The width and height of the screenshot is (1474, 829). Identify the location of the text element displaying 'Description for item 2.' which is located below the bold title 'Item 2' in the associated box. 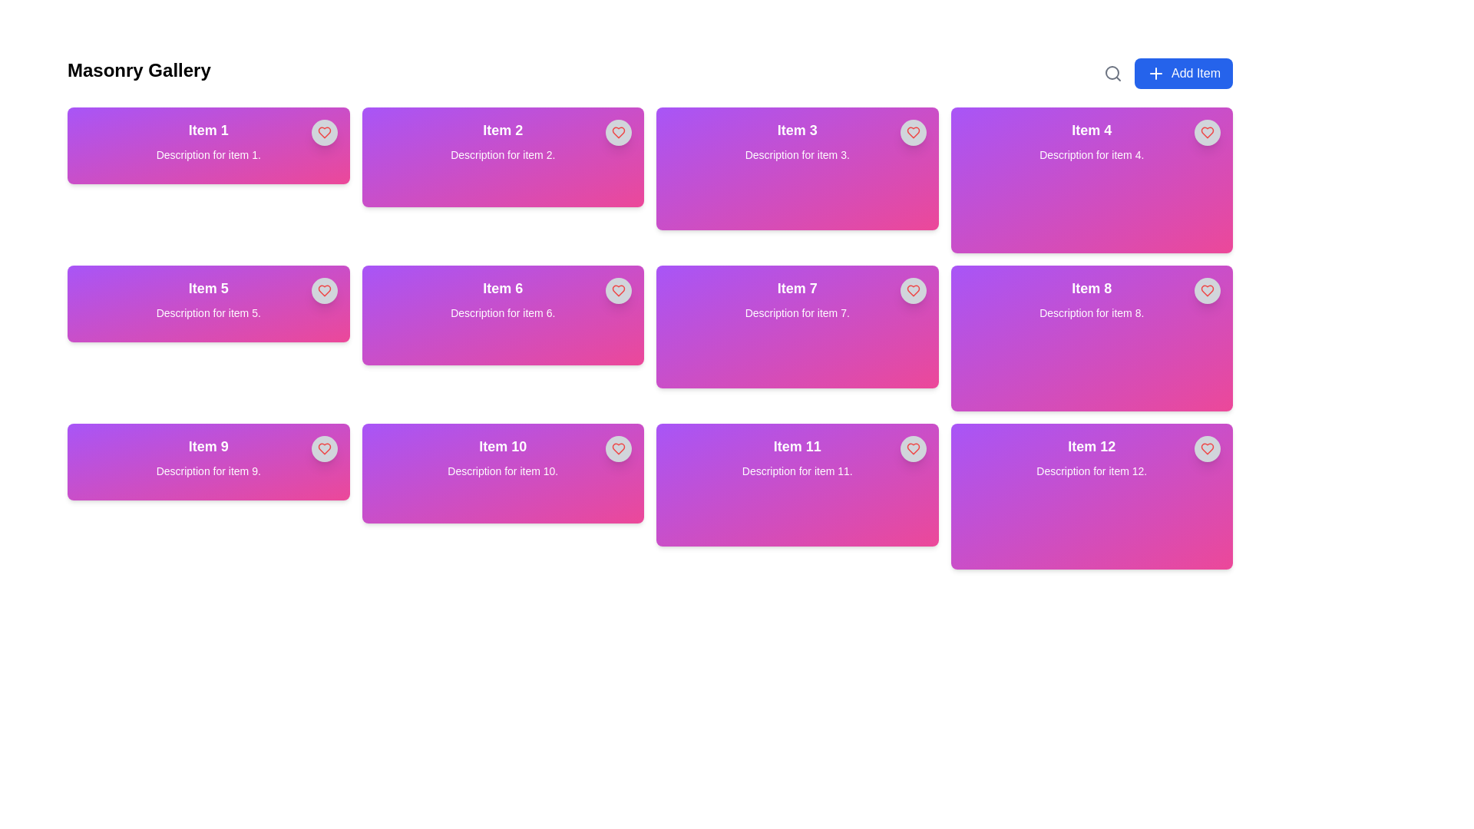
(503, 154).